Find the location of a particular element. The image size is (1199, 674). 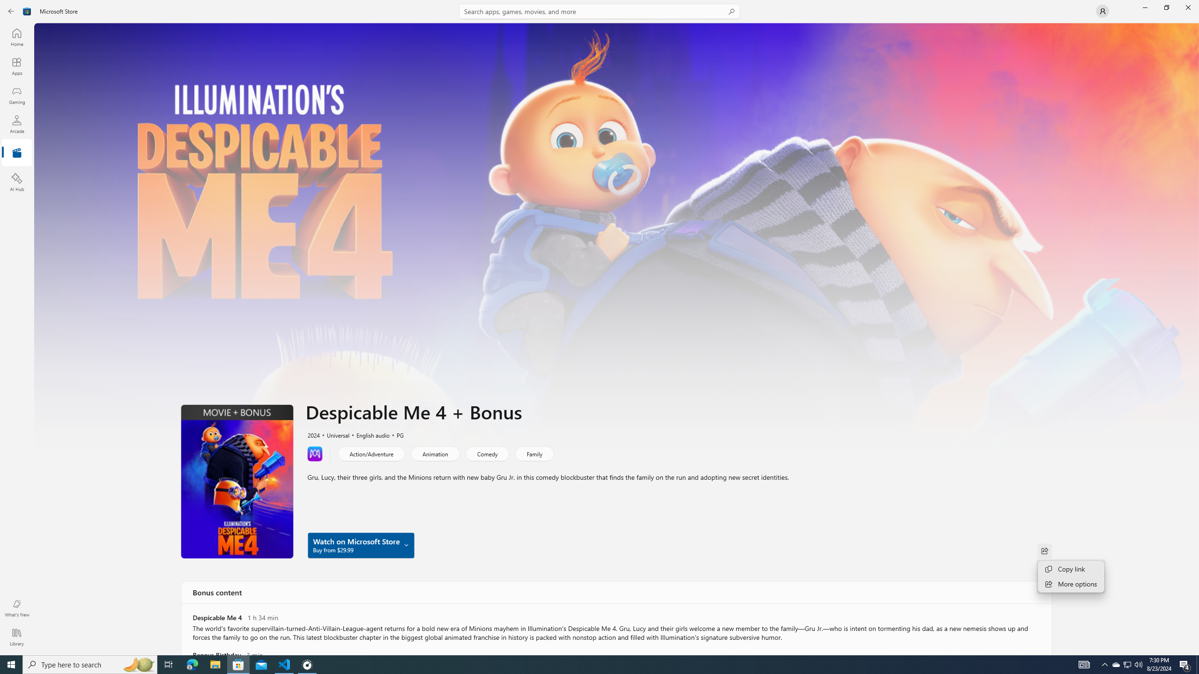

'Back' is located at coordinates (11, 10).